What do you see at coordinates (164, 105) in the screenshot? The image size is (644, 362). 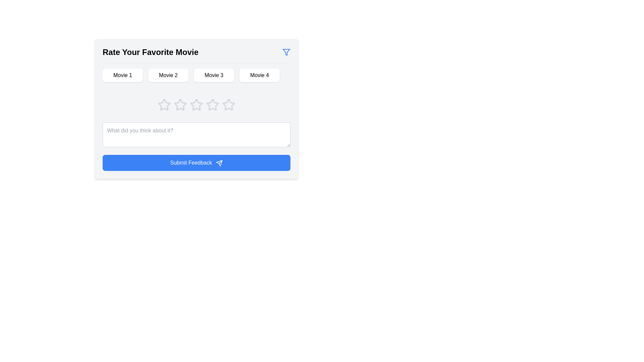 I see `the first star icon outlined in gray to rate the movie in the 'Rate Your Favorite Movie' section` at bounding box center [164, 105].